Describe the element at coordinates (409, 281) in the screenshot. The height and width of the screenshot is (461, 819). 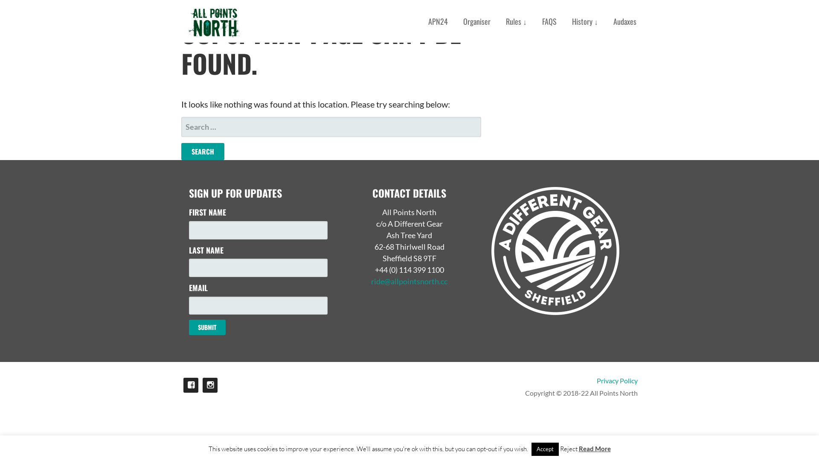
I see `'ride@allpointsnorth.cc'` at that location.